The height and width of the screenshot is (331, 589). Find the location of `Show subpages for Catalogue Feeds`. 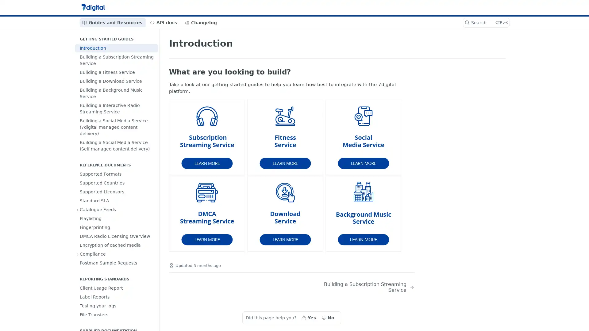

Show subpages for Catalogue Feeds is located at coordinates (78, 209).